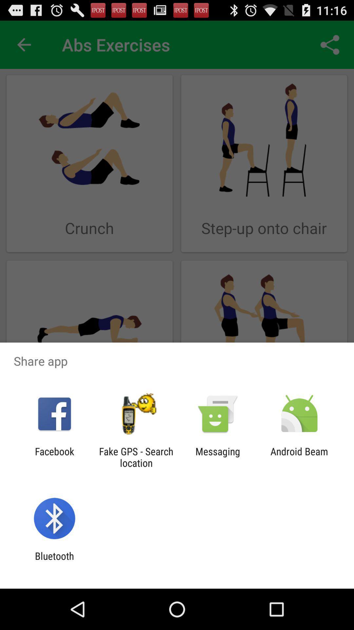  What do you see at coordinates (330, 44) in the screenshot?
I see `item to the right of abs exercises item` at bounding box center [330, 44].